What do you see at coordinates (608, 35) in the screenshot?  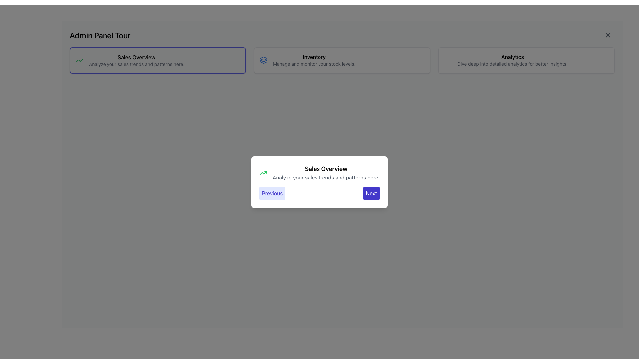 I see `the small dark gray 'X' icon within the light gray circular button located at the top-right corner of the 'Admin Panel Tour' dialog box` at bounding box center [608, 35].